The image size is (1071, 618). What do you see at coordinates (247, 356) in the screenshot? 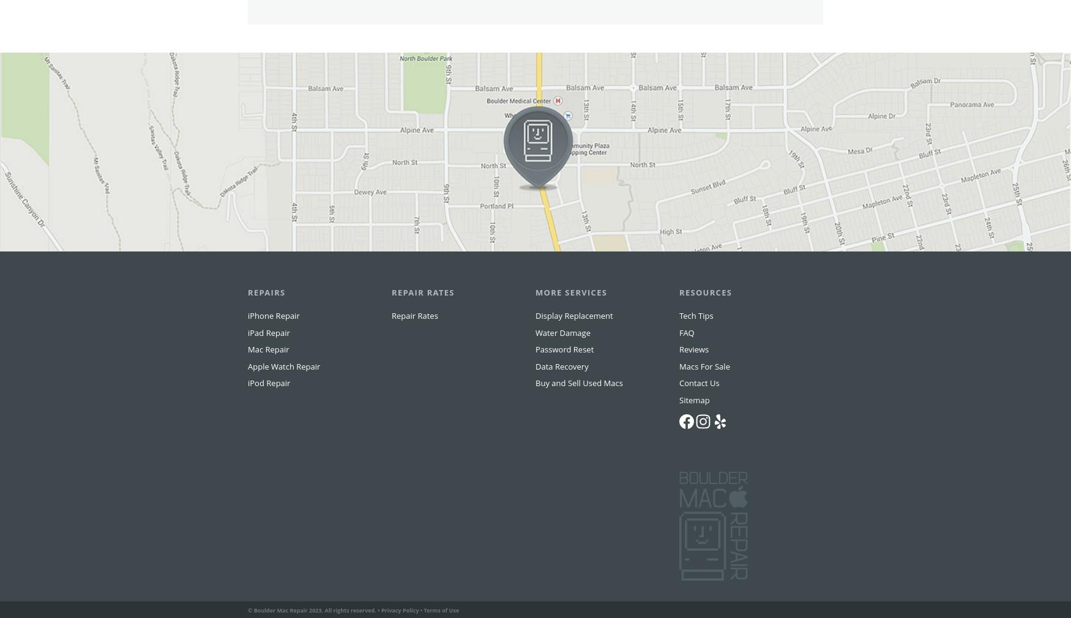
I see `'iPad Repair'` at bounding box center [247, 356].